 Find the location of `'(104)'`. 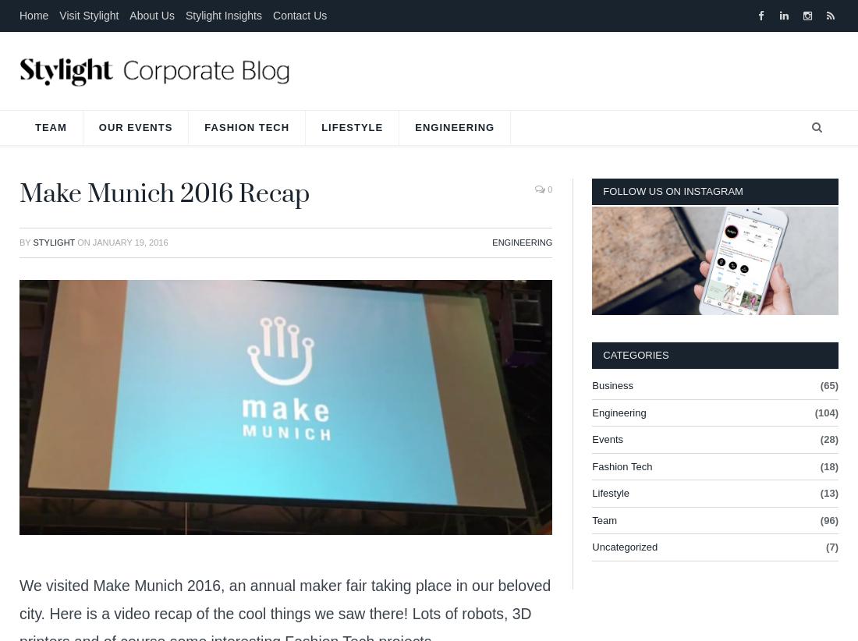

'(104)' is located at coordinates (825, 411).